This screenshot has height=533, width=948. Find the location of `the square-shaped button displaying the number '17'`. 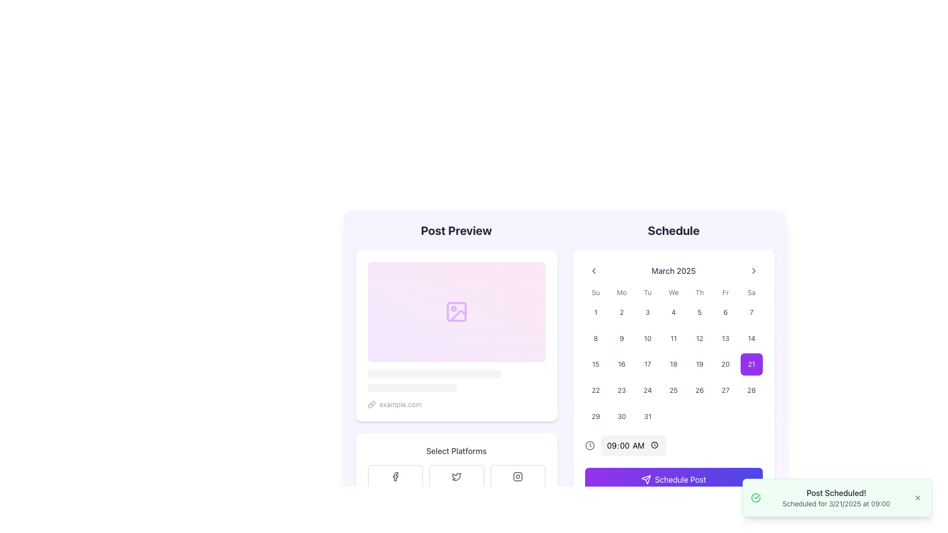

the square-shaped button displaying the number '17' is located at coordinates (647, 364).